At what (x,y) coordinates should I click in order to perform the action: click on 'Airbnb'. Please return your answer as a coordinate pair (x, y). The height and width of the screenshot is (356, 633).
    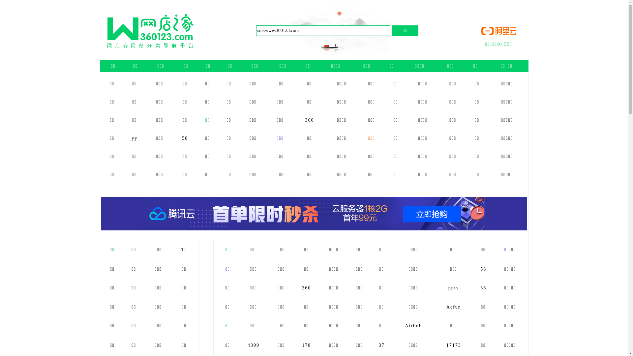
    Looking at the image, I should click on (413, 325).